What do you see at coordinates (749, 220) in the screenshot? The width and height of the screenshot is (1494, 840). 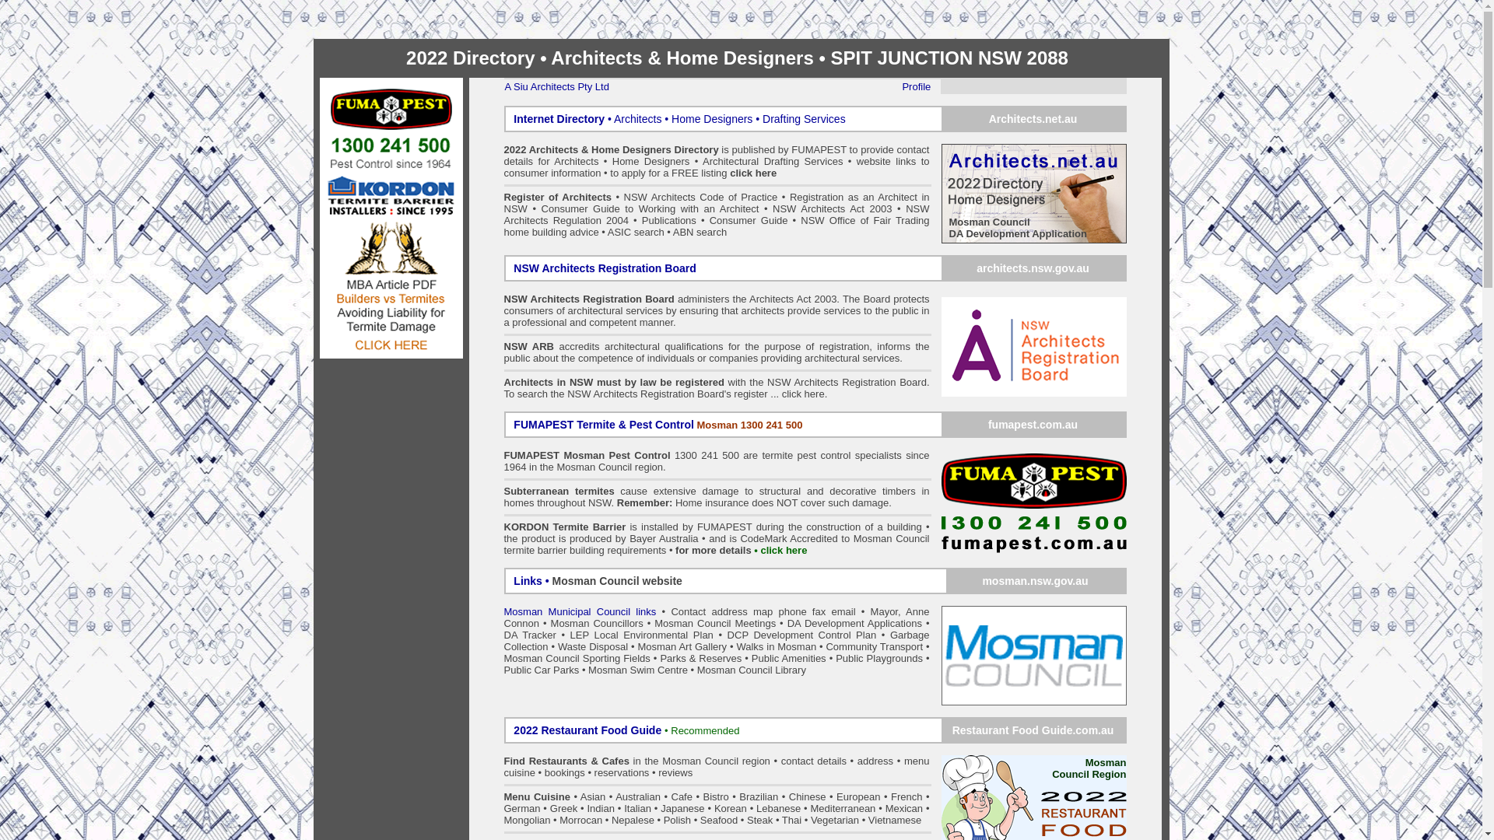 I see `'Consumer Guide'` at bounding box center [749, 220].